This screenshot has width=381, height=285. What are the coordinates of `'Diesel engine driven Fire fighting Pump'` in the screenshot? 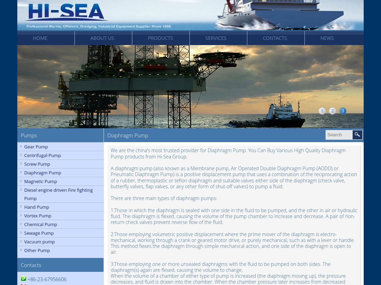 It's located at (58, 194).